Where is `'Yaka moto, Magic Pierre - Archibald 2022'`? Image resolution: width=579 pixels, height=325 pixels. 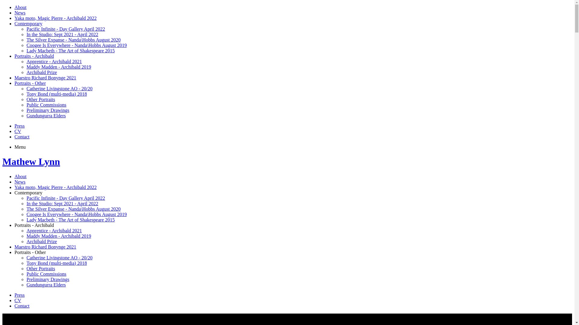 'Yaka moto, Magic Pierre - Archibald 2022' is located at coordinates (55, 187).